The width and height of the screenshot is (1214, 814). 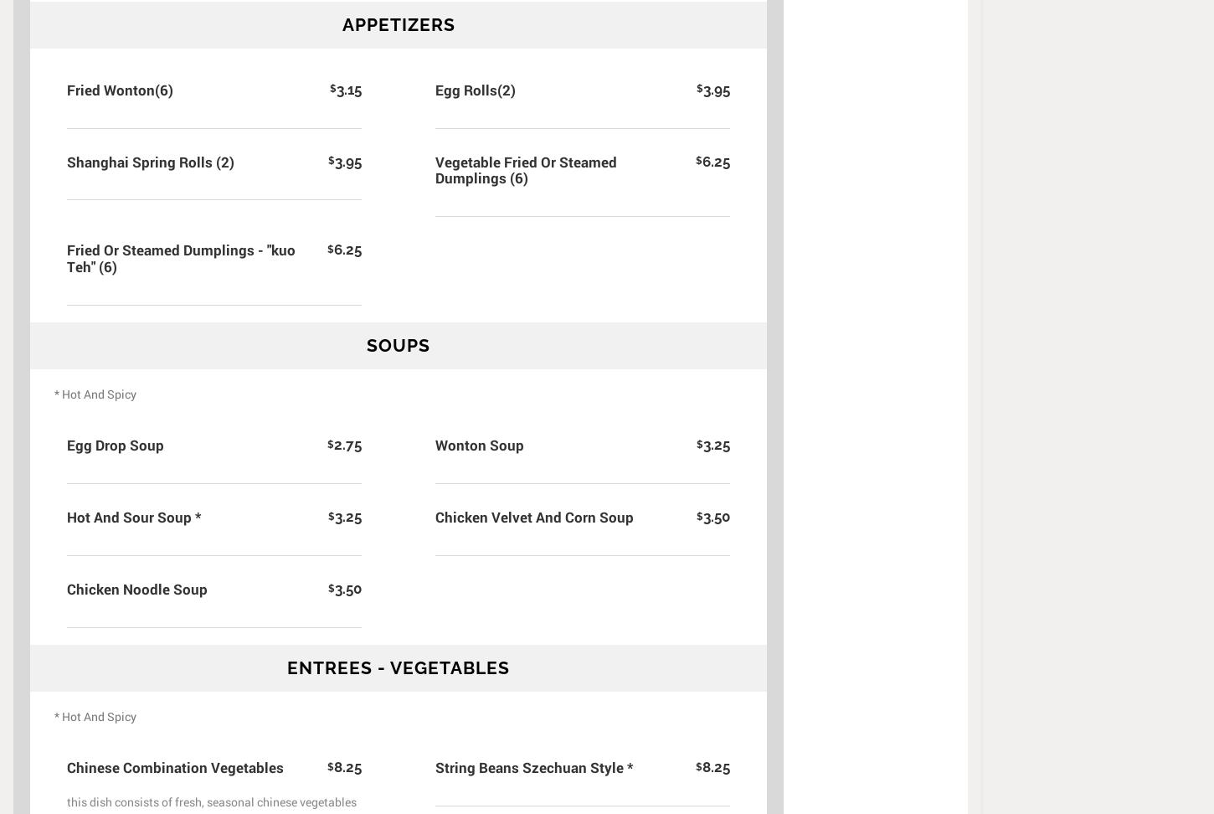 I want to click on 'Vegetable Fried Or Steamed Dumplings (6)', so click(x=525, y=168).